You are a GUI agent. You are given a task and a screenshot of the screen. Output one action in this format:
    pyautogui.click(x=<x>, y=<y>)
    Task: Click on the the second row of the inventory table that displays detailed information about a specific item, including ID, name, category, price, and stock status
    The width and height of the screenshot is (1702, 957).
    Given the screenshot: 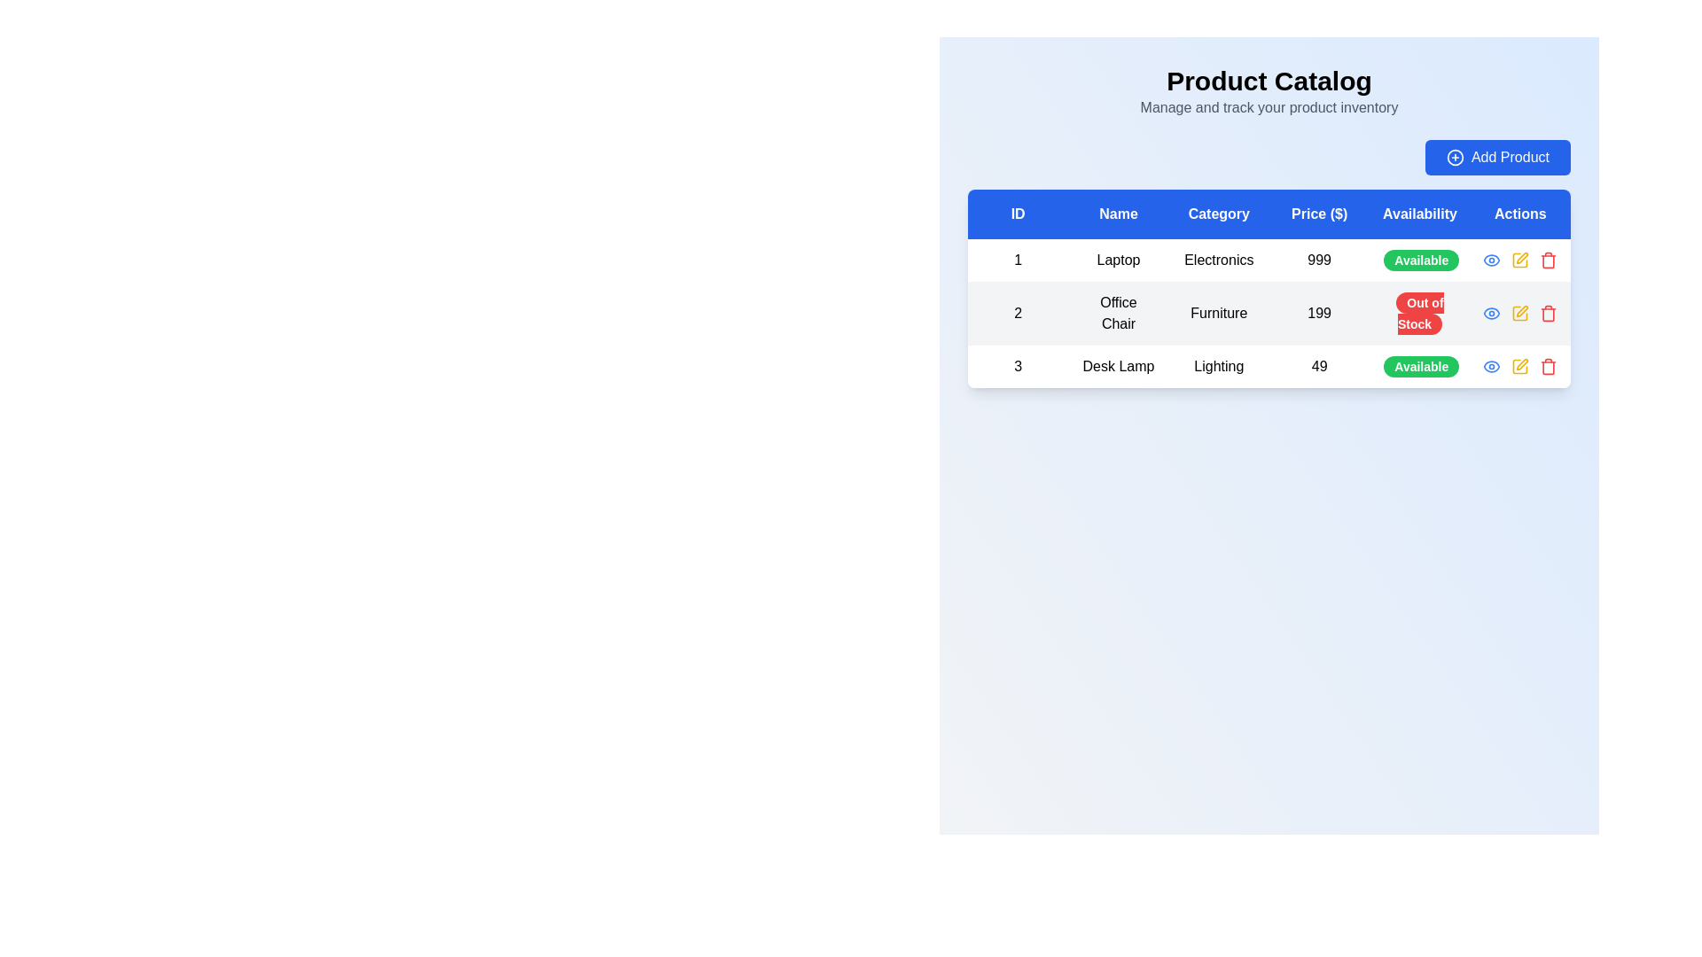 What is the action you would take?
    pyautogui.click(x=1268, y=313)
    